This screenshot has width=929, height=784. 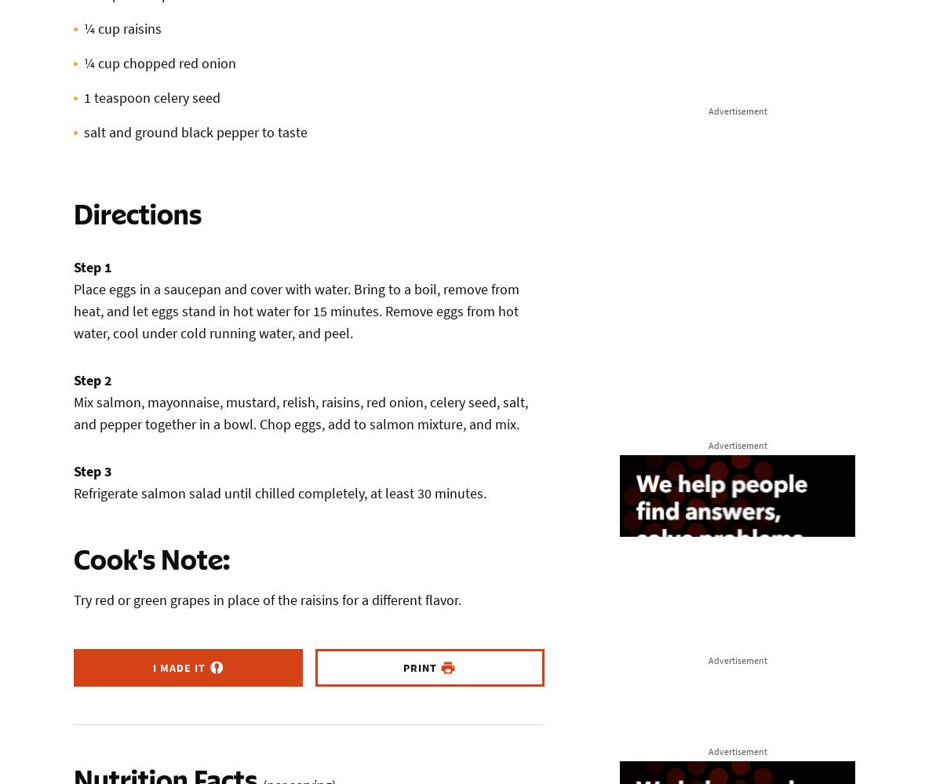 What do you see at coordinates (297, 310) in the screenshot?
I see `'Place eggs in a saucepan and cover with water. Bring to a boil, remove from heat, and let eggs stand in hot water for 15 minutes. Remove eggs from hot water, cool under cold running water, and peel.'` at bounding box center [297, 310].